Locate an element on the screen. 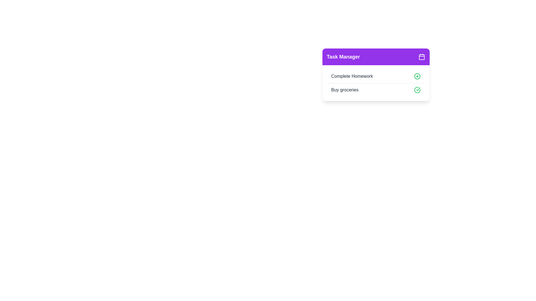 The width and height of the screenshot is (536, 301). the Status icon indicating the completion of the 'Buy groceries' task, located at the far-right side of the corresponding row is located at coordinates (417, 90).